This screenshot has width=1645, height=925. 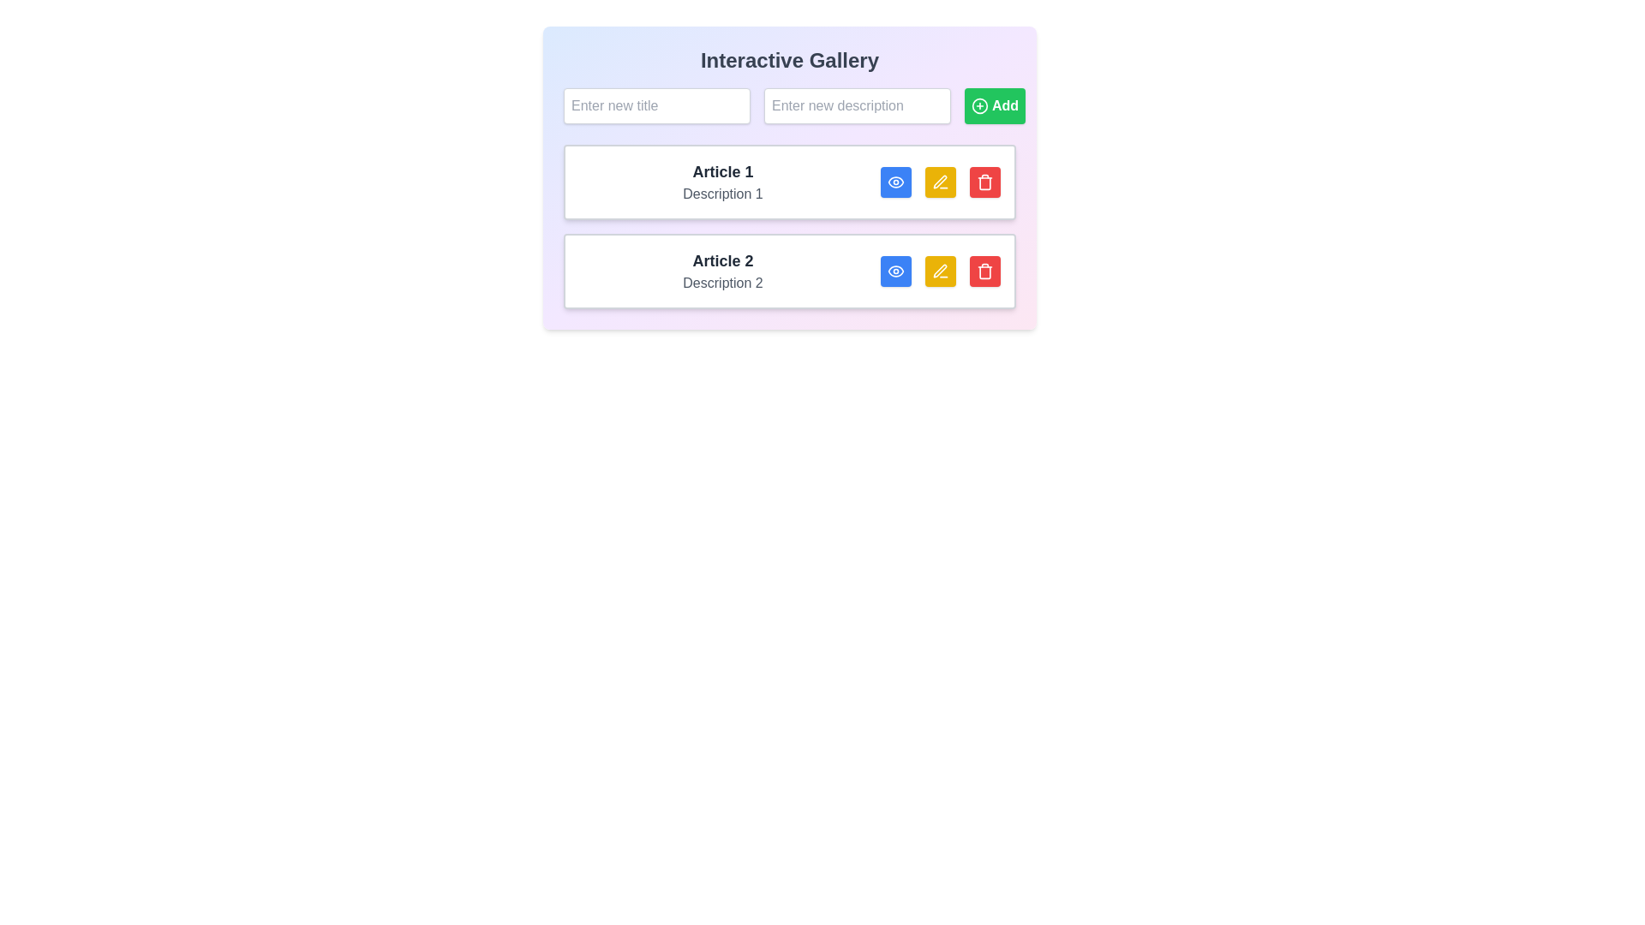 What do you see at coordinates (940, 182) in the screenshot?
I see `the pen icon button with a yellow background to initiate editing for 'Article 1'` at bounding box center [940, 182].